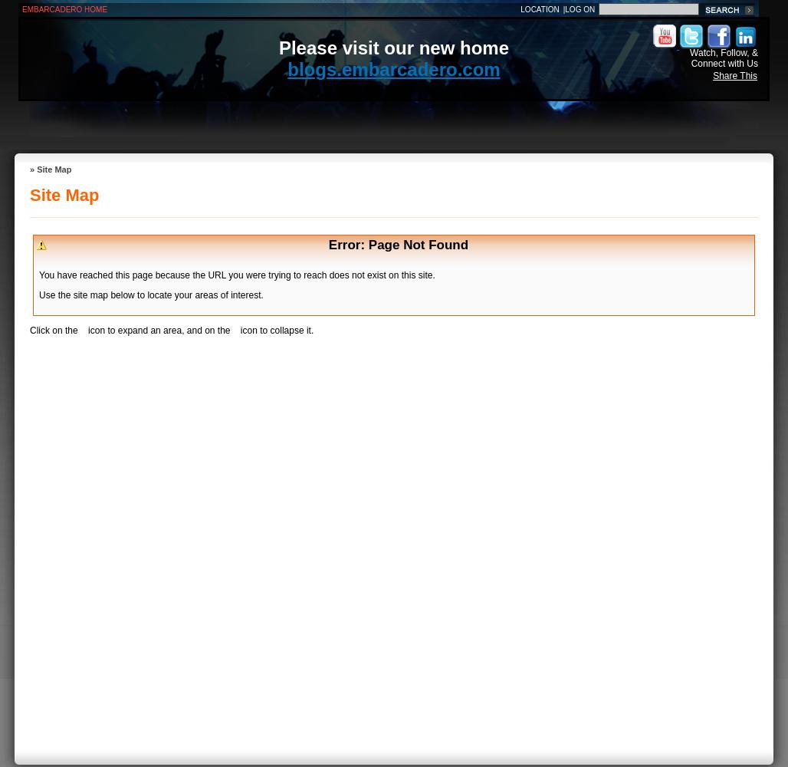  What do you see at coordinates (54, 331) in the screenshot?
I see `'Click on the'` at bounding box center [54, 331].